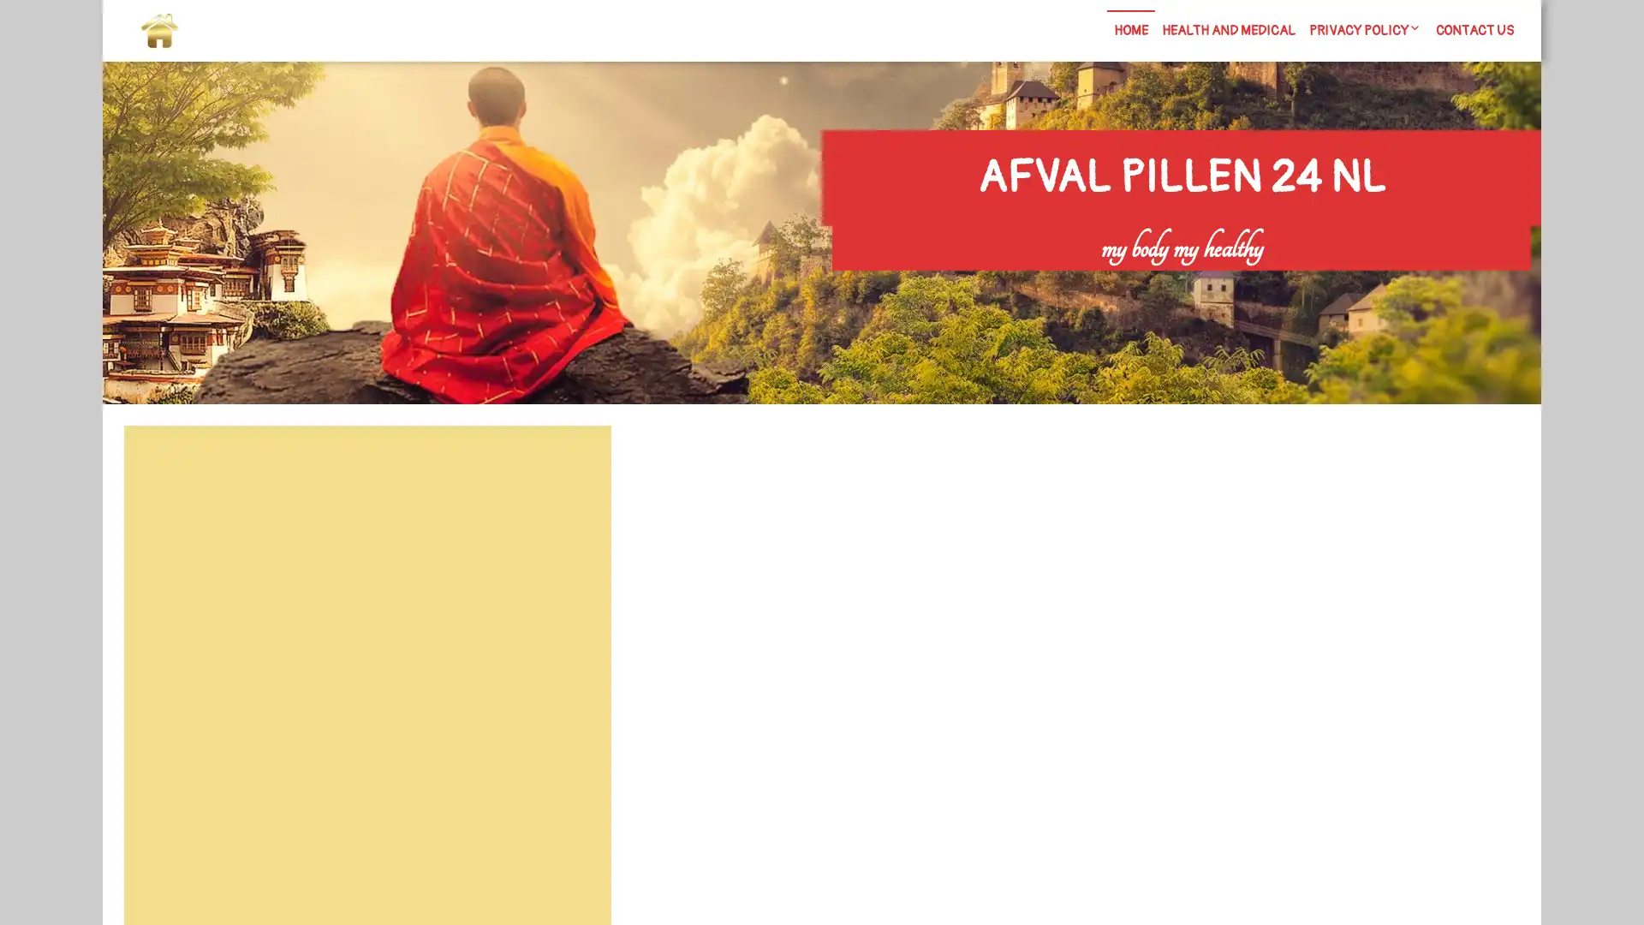 The image size is (1644, 925). I want to click on Search, so click(1333, 280).